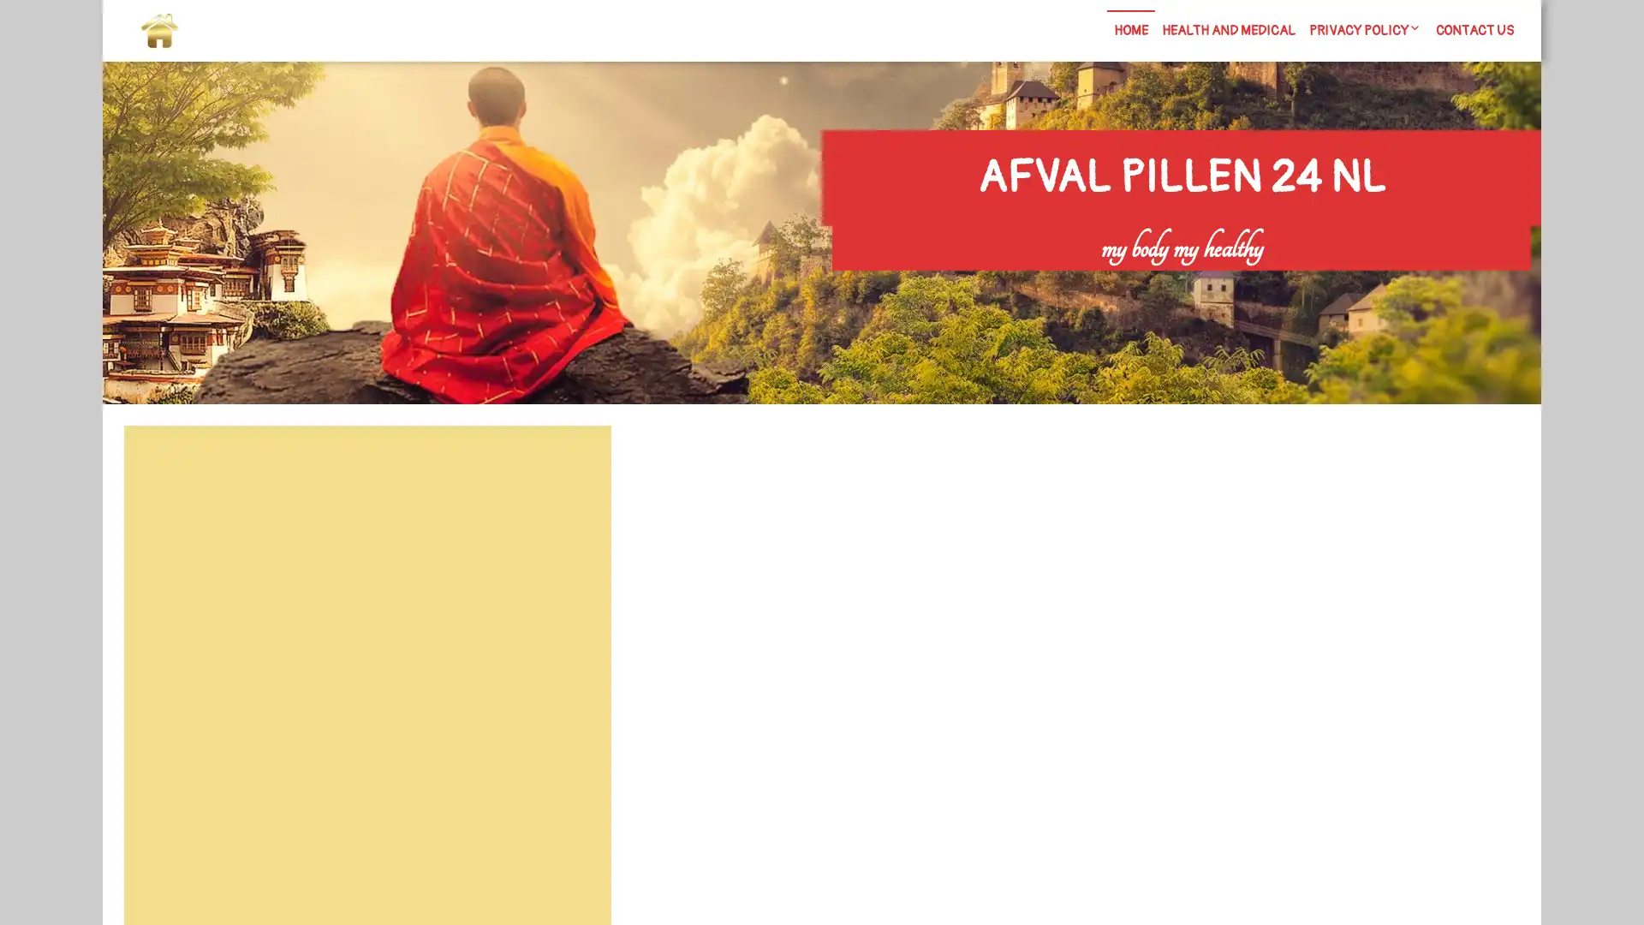 The image size is (1644, 925). I want to click on Search, so click(1333, 280).